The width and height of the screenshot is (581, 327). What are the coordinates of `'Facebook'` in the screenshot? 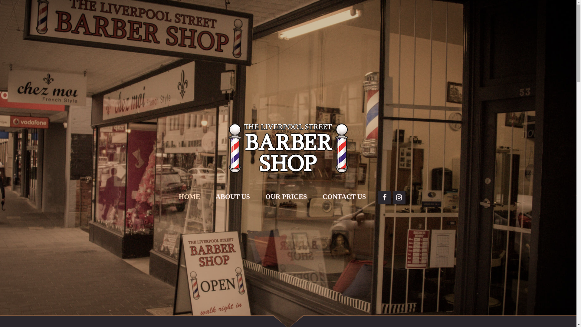 It's located at (384, 197).